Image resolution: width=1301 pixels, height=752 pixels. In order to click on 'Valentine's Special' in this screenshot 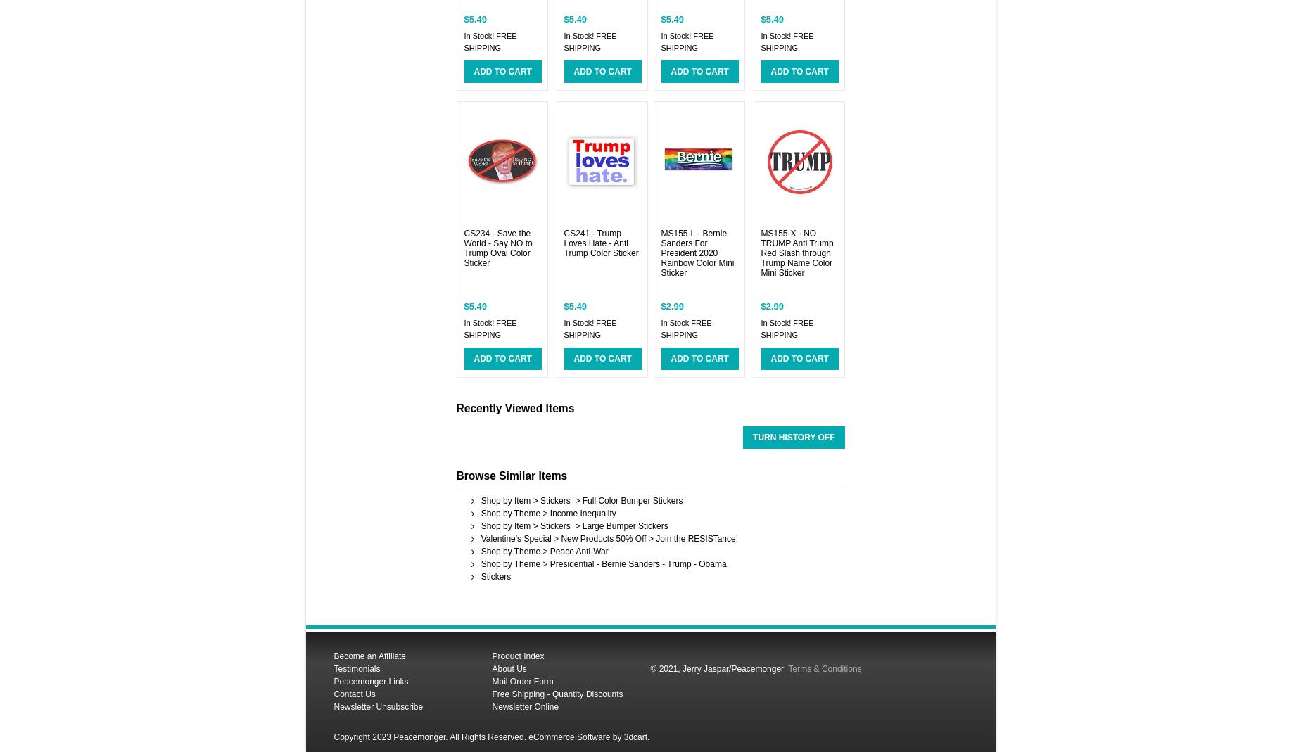, I will do `click(514, 537)`.